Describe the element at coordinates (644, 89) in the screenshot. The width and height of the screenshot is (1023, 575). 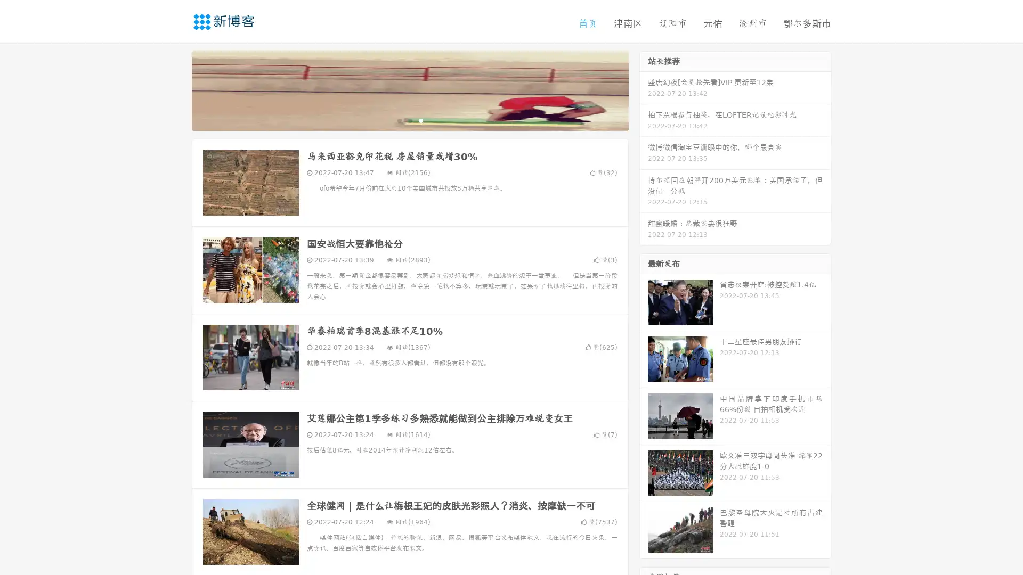
I see `Next slide` at that location.